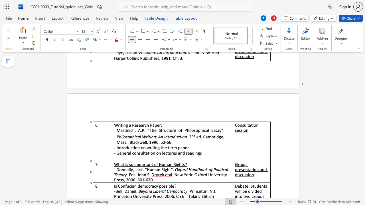 The height and width of the screenshot is (205, 365). What do you see at coordinates (241, 174) in the screenshot?
I see `the 1th character "c" in the text` at bounding box center [241, 174].